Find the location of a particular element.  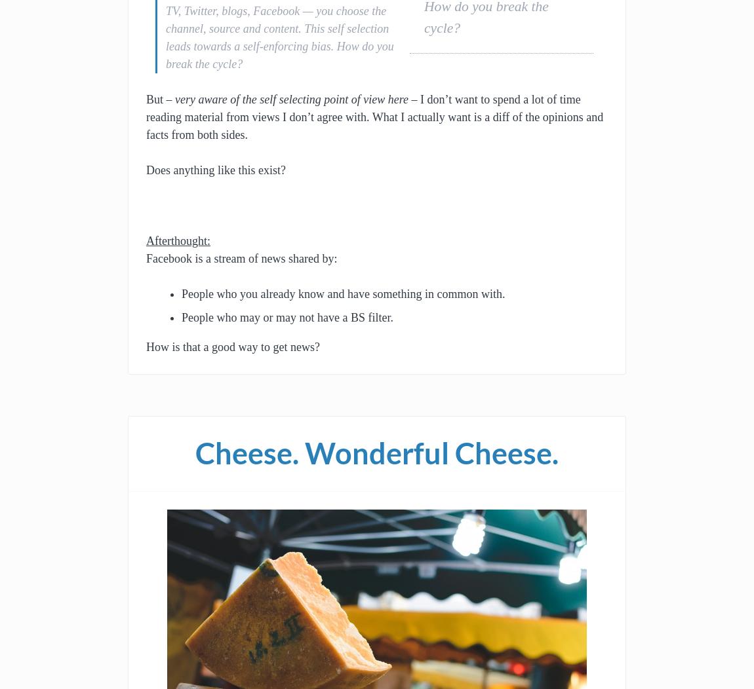

'Cheese. Wonderful Cheese.' is located at coordinates (377, 453).